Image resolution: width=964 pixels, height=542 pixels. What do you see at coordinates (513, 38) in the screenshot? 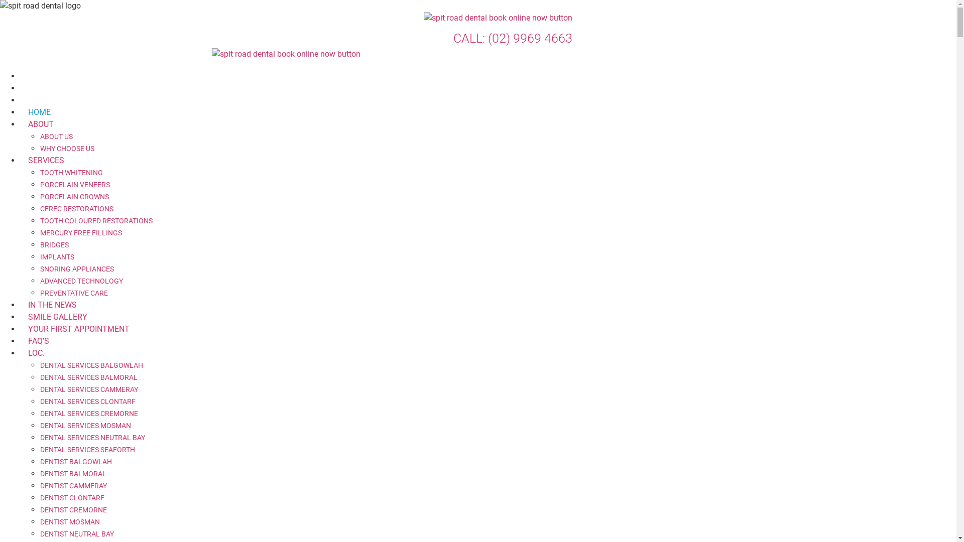
I see `'CALL: (02) 9969 4663'` at bounding box center [513, 38].